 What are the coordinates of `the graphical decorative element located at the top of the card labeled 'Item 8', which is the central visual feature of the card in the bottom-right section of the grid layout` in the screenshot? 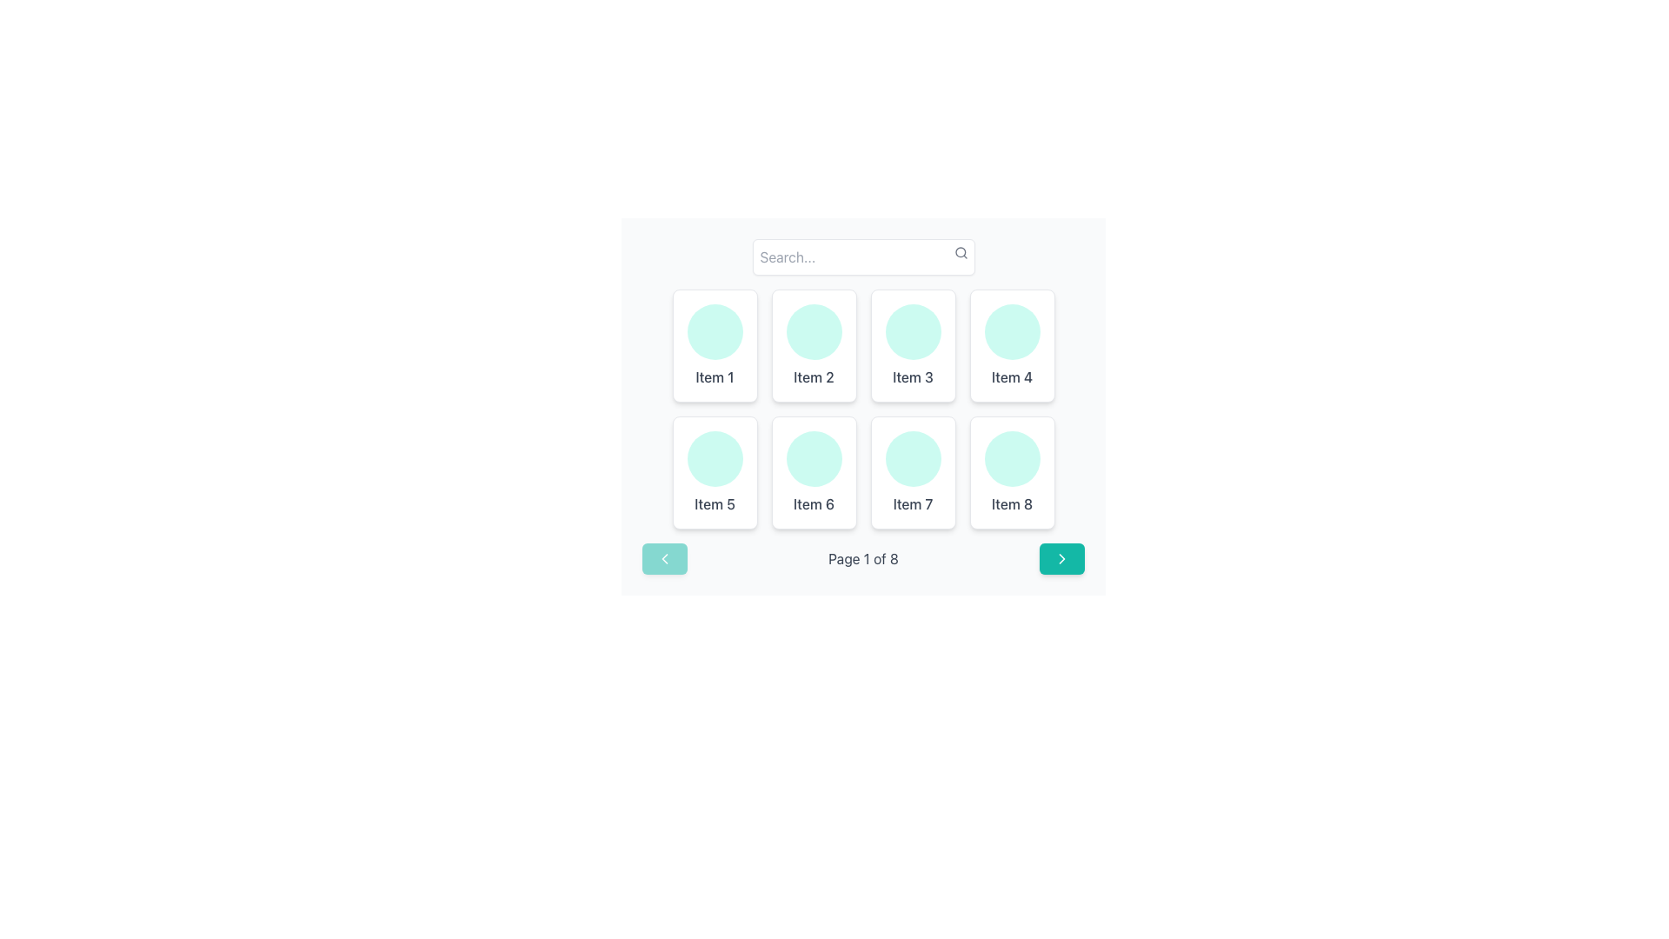 It's located at (1012, 458).